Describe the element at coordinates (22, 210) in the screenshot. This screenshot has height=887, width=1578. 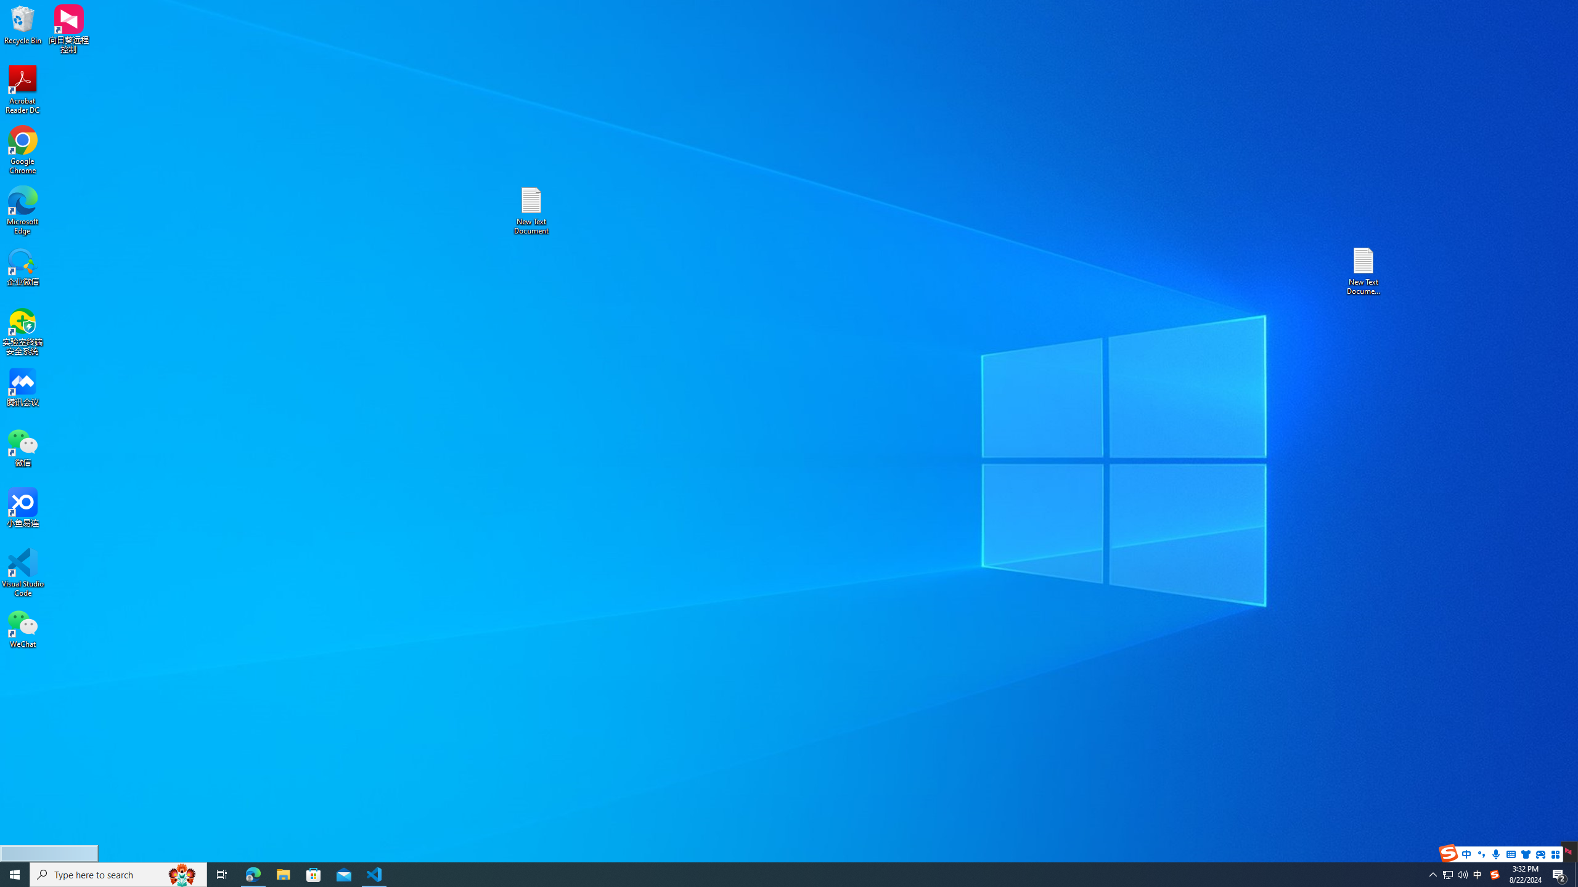
I see `'Microsoft Edge'` at that location.